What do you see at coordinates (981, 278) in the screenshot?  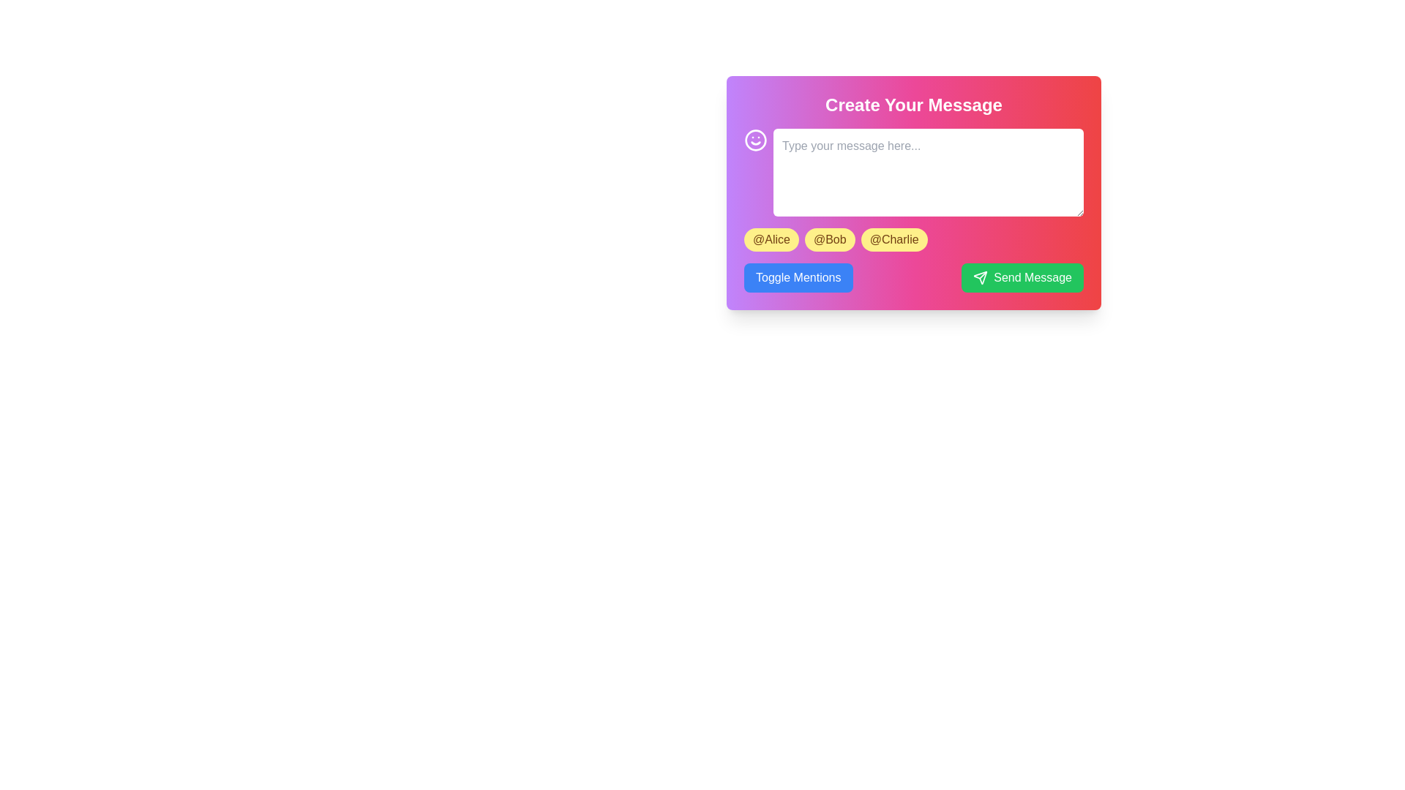 I see `the stylized send icon within the 'Send Message' button, which has a green background and is located at the bottom-right corner of the message creation panel` at bounding box center [981, 278].